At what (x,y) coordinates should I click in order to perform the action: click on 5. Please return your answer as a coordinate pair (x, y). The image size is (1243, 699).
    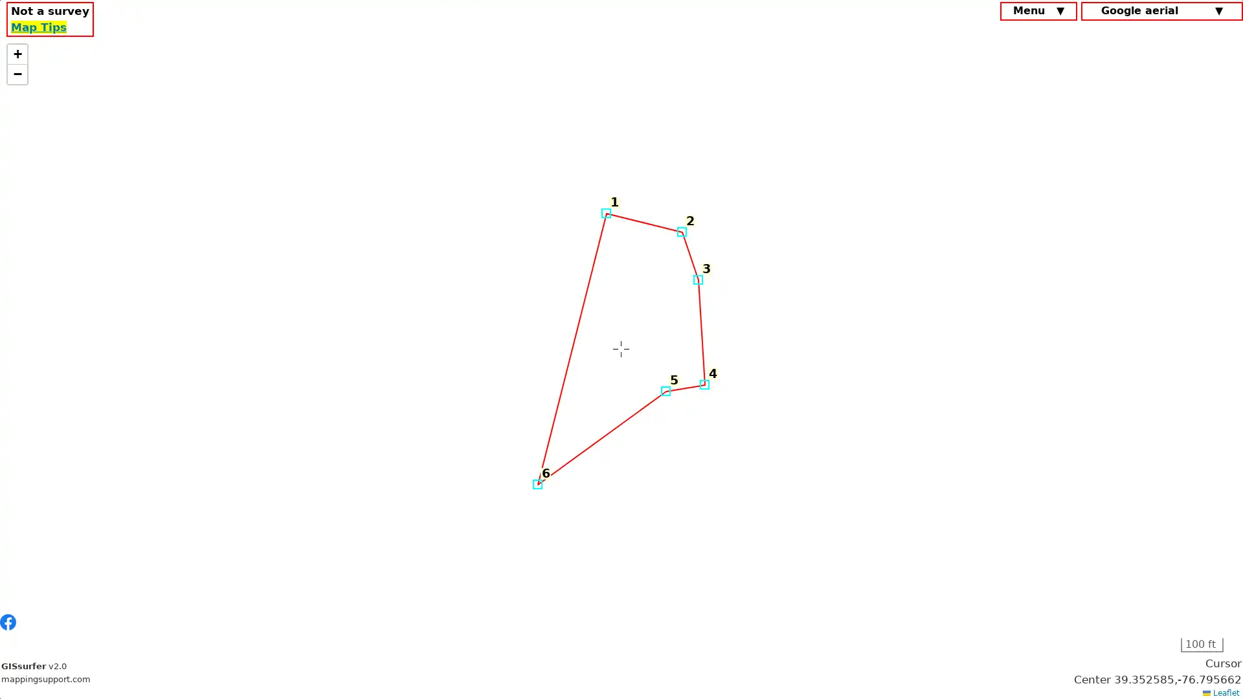
    Looking at the image, I should click on (673, 379).